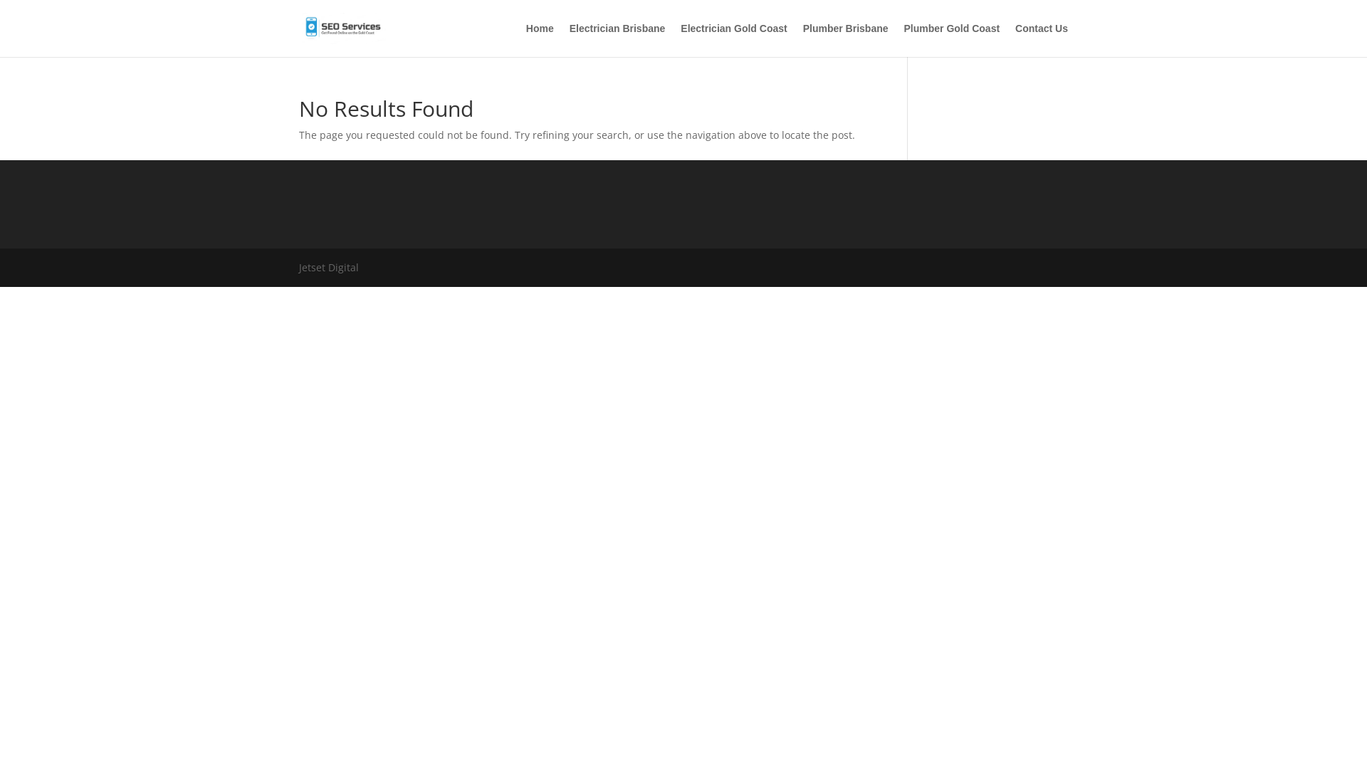  Describe the element at coordinates (617, 39) in the screenshot. I see `'Electrician Brisbane'` at that location.